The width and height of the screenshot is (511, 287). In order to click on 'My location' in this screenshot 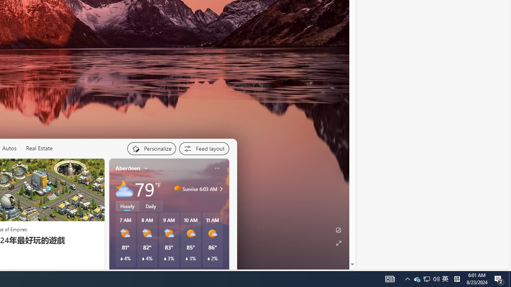, I will do `click(146, 167)`.